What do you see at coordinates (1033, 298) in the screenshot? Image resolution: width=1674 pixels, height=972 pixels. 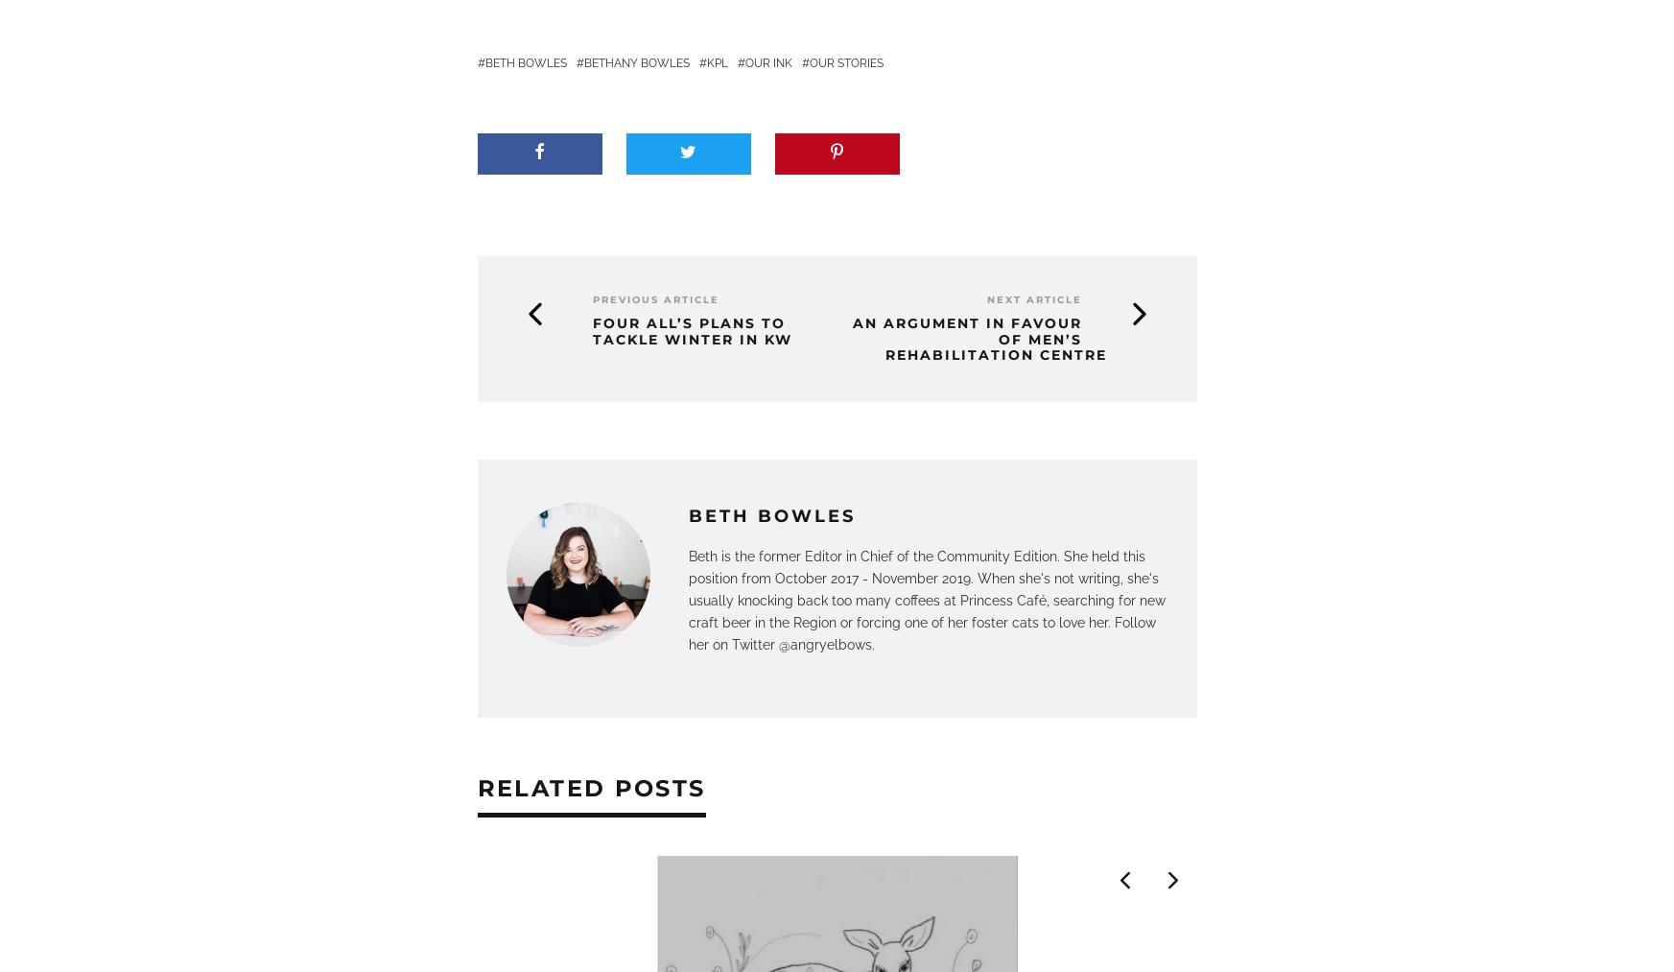 I see `'Next Article'` at bounding box center [1033, 298].